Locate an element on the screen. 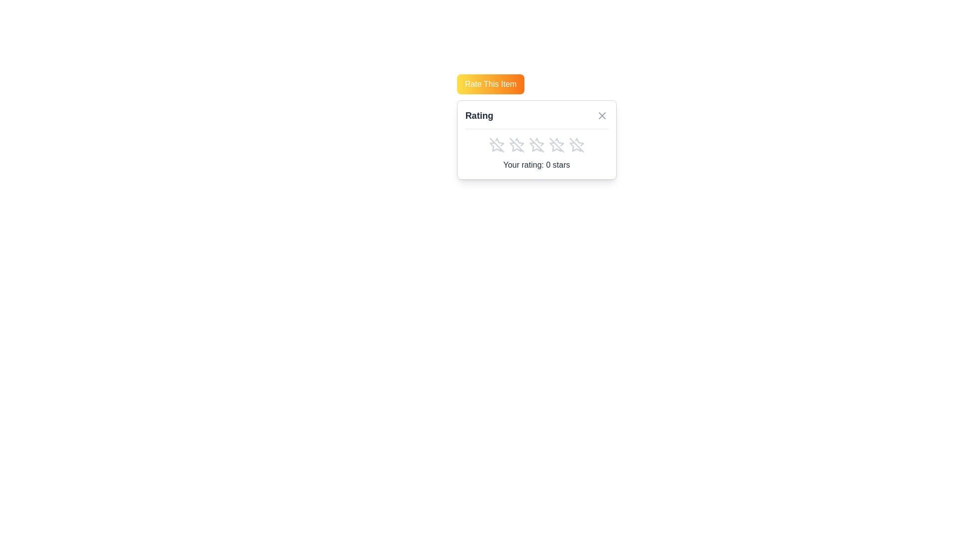  the third star icon in the rating section of the 'Rate This Item' popup to assign a 3-star rating is located at coordinates (536, 145).